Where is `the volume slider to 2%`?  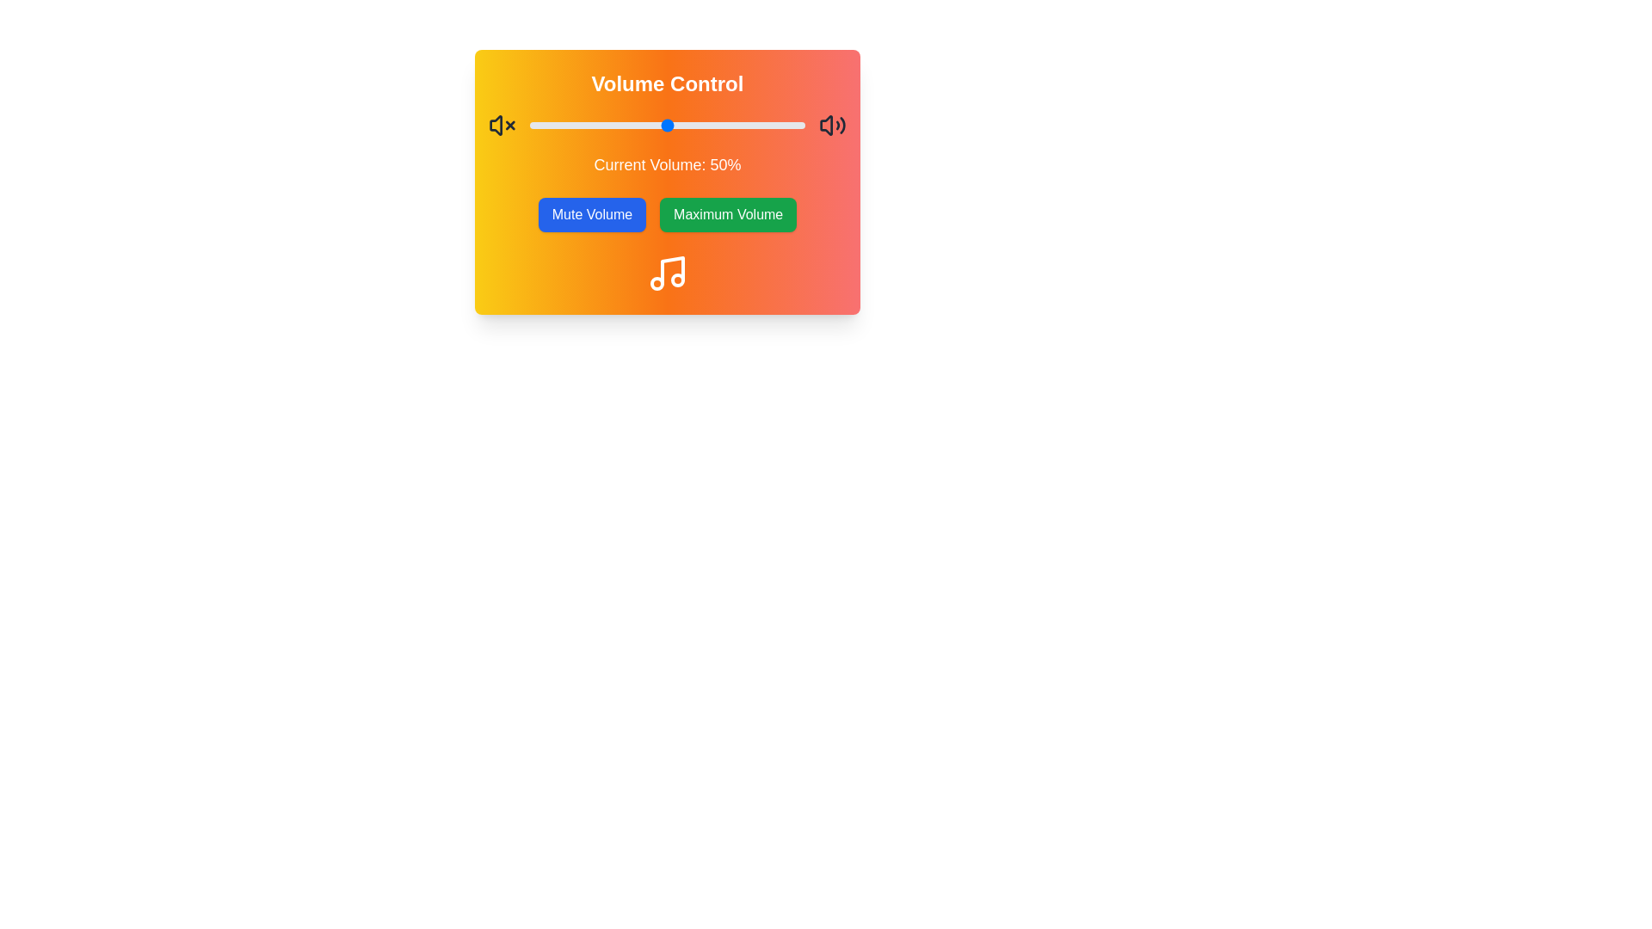 the volume slider to 2% is located at coordinates (534, 125).